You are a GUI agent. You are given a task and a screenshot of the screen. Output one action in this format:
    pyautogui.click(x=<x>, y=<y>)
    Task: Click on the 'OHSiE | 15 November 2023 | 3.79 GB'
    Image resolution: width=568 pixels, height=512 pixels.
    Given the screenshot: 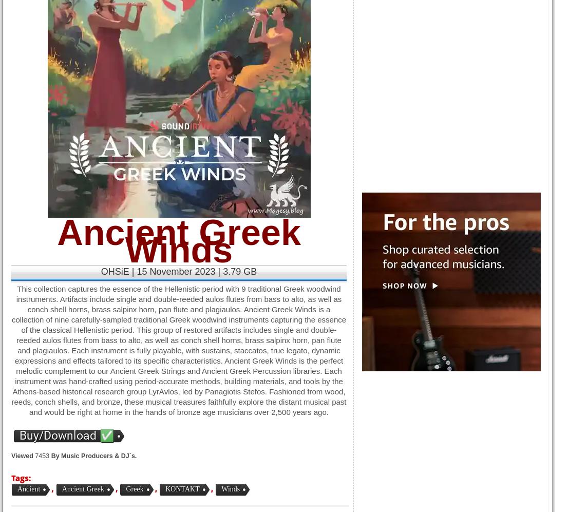 What is the action you would take?
    pyautogui.click(x=178, y=271)
    